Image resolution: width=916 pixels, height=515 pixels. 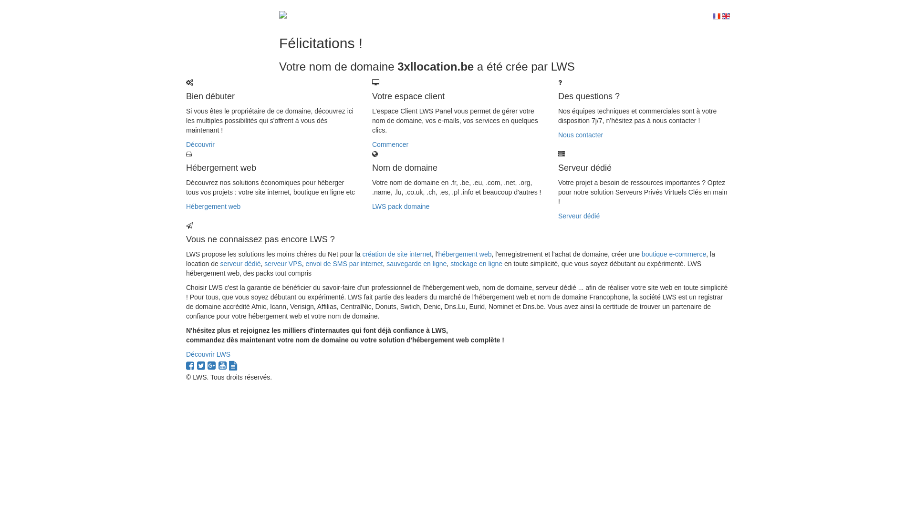 What do you see at coordinates (343, 263) in the screenshot?
I see `'envoi de SMS par internet'` at bounding box center [343, 263].